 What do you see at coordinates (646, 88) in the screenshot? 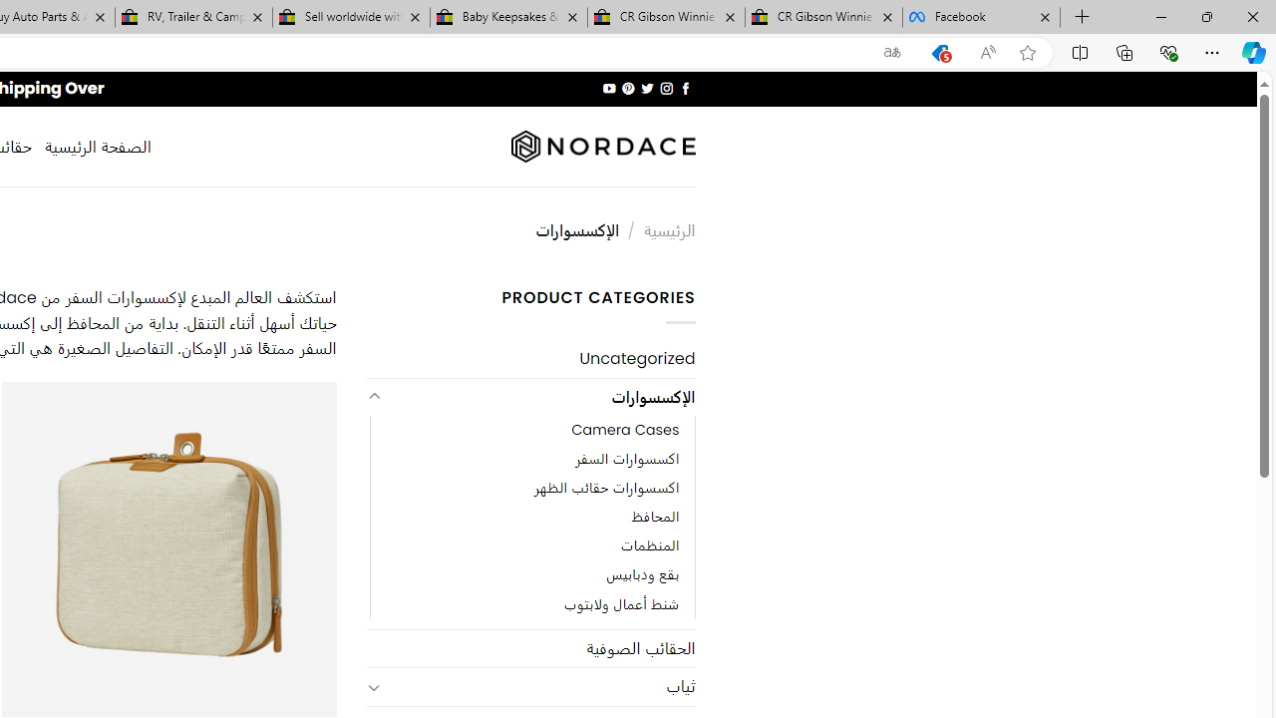
I see `'Follow on Twitter'` at bounding box center [646, 88].